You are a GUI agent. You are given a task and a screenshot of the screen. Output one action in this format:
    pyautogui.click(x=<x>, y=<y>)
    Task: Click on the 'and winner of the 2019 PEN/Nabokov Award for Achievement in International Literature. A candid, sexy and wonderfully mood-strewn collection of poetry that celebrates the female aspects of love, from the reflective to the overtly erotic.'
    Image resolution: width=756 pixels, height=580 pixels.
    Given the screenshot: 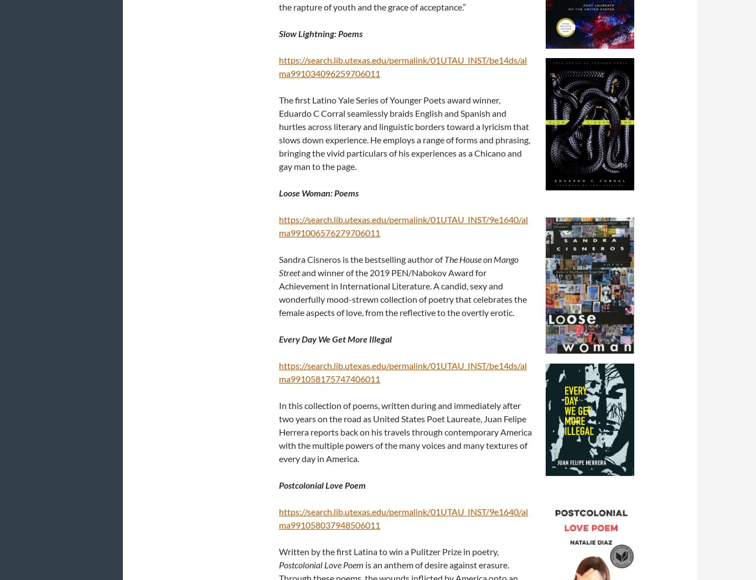 What is the action you would take?
    pyautogui.click(x=279, y=291)
    